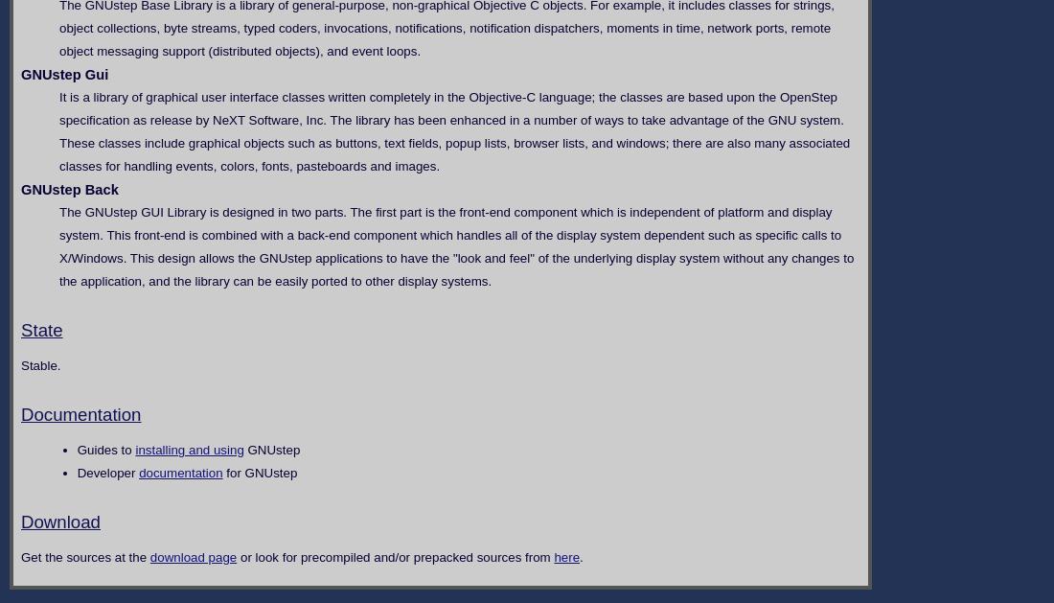 The image size is (1054, 603). What do you see at coordinates (395, 556) in the screenshot?
I see `'or look for
precompiled and/or prepacked sources from'` at bounding box center [395, 556].